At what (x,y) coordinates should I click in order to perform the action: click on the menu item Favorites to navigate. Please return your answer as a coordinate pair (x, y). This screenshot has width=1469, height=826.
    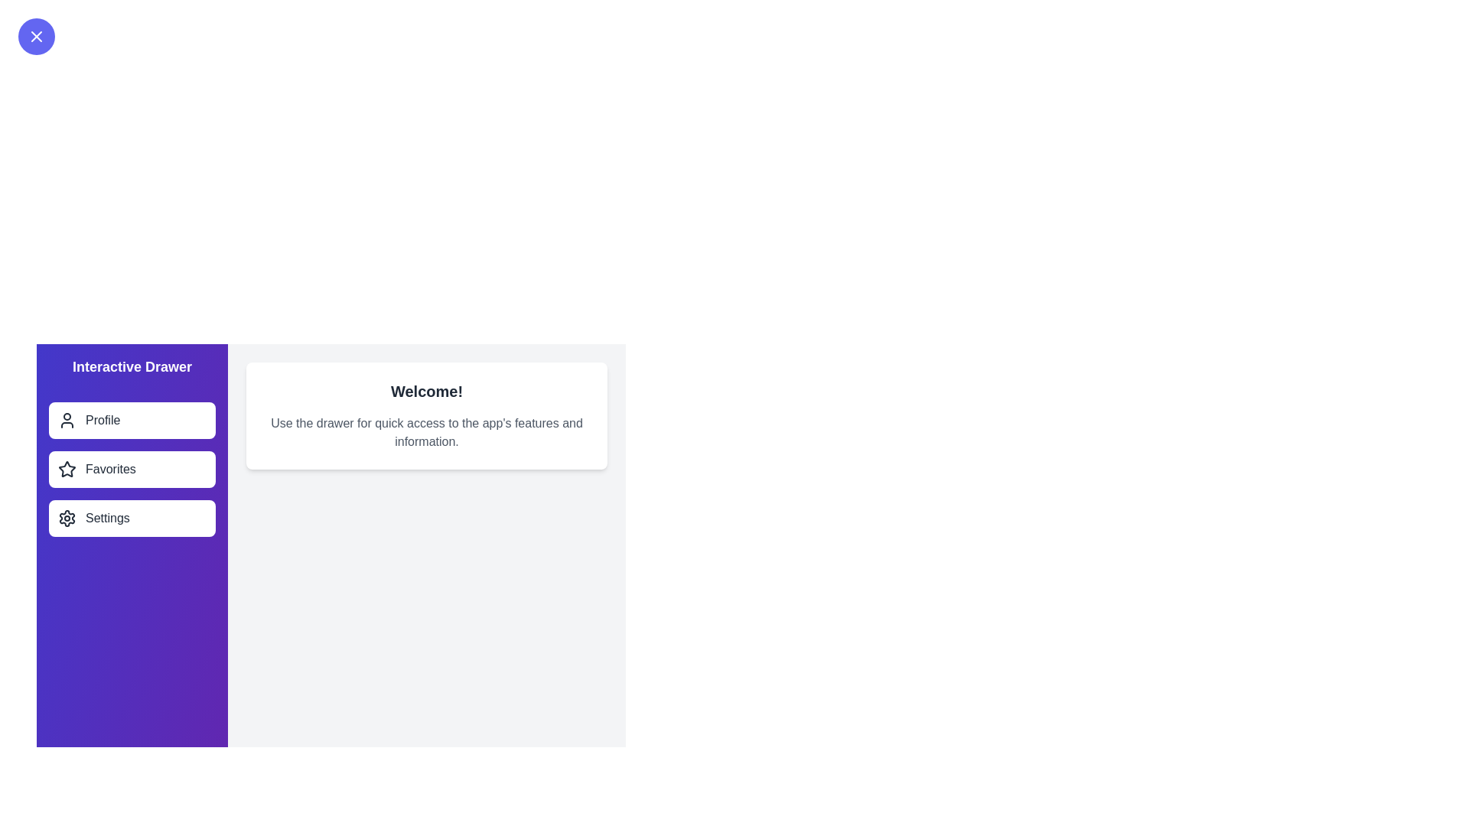
    Looking at the image, I should click on (132, 468).